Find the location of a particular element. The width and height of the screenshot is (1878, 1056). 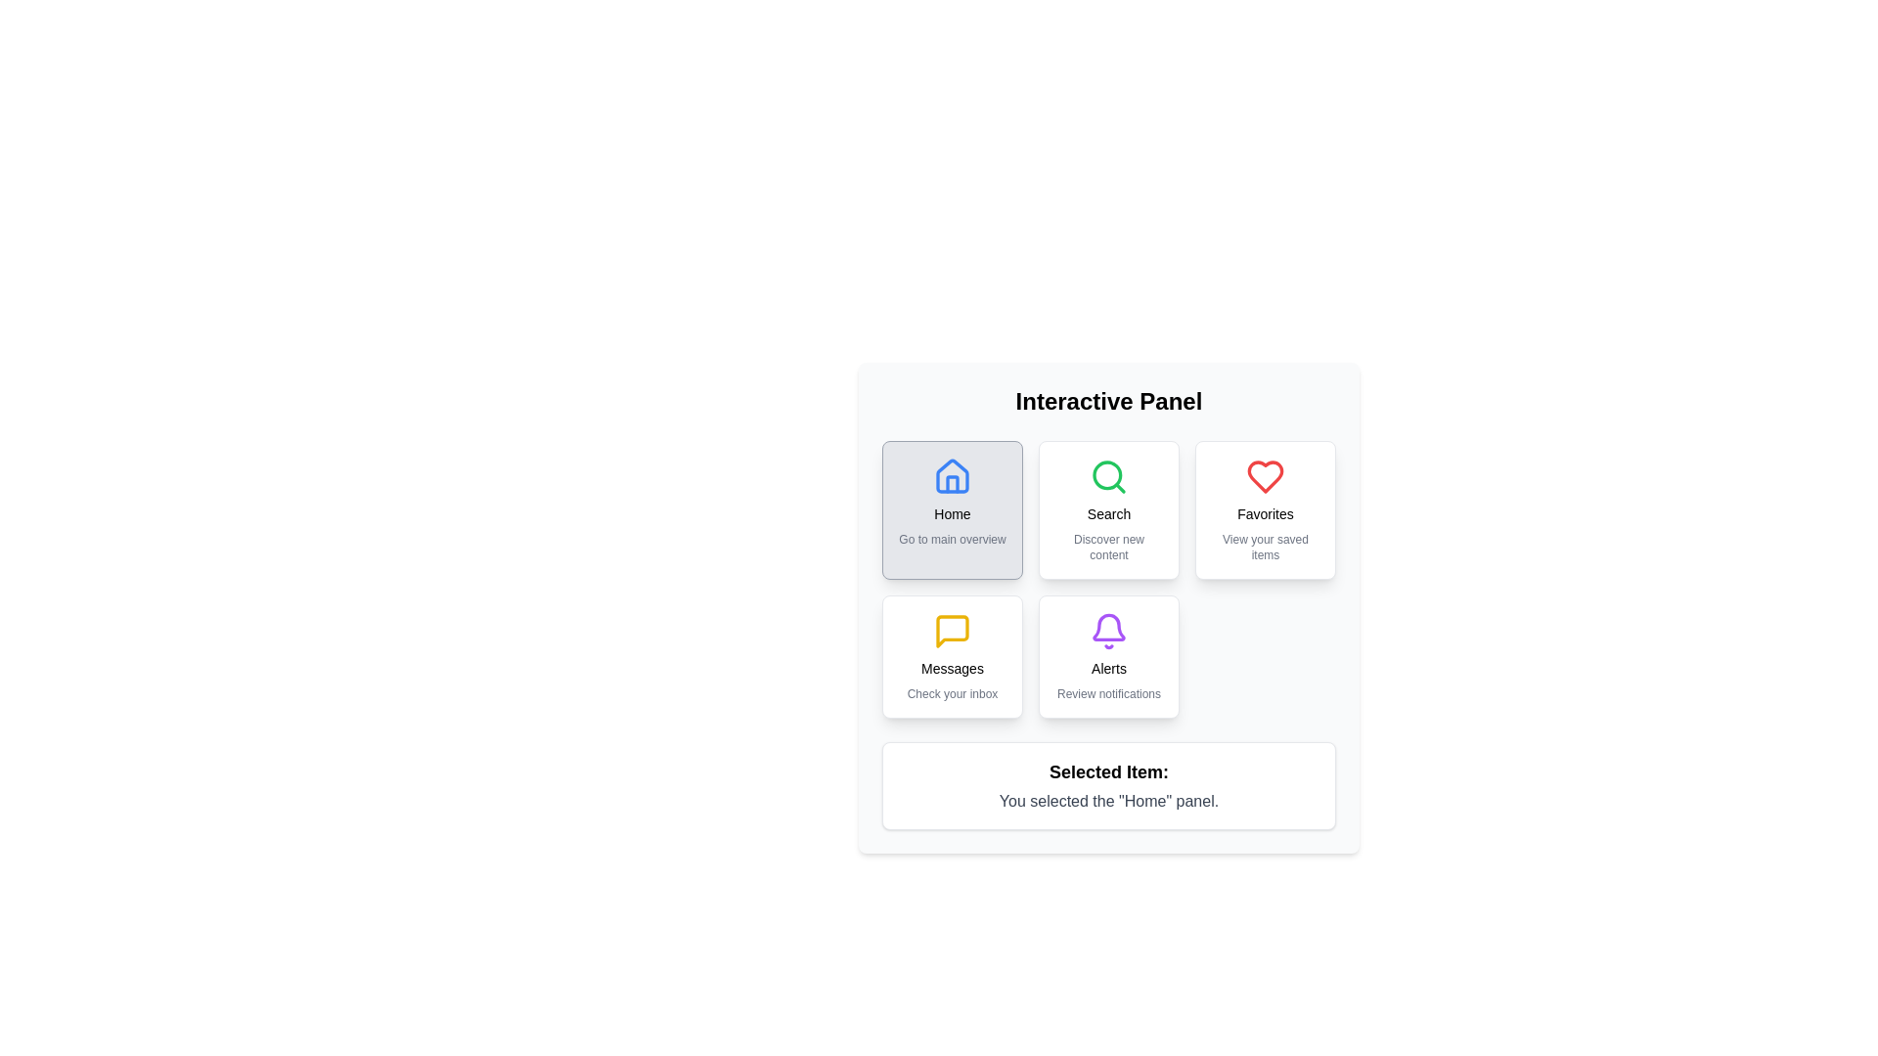

the visual representation of the red heart icon within the 'Favorites' card located in the top-right section of the grid layout is located at coordinates (1266, 477).